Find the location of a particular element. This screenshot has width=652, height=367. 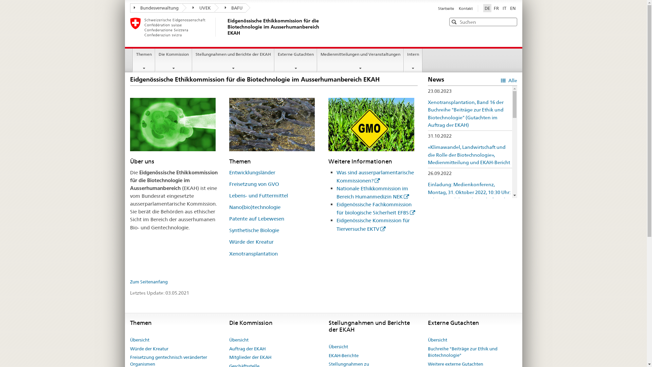

'Kontakt' is located at coordinates (465, 8).